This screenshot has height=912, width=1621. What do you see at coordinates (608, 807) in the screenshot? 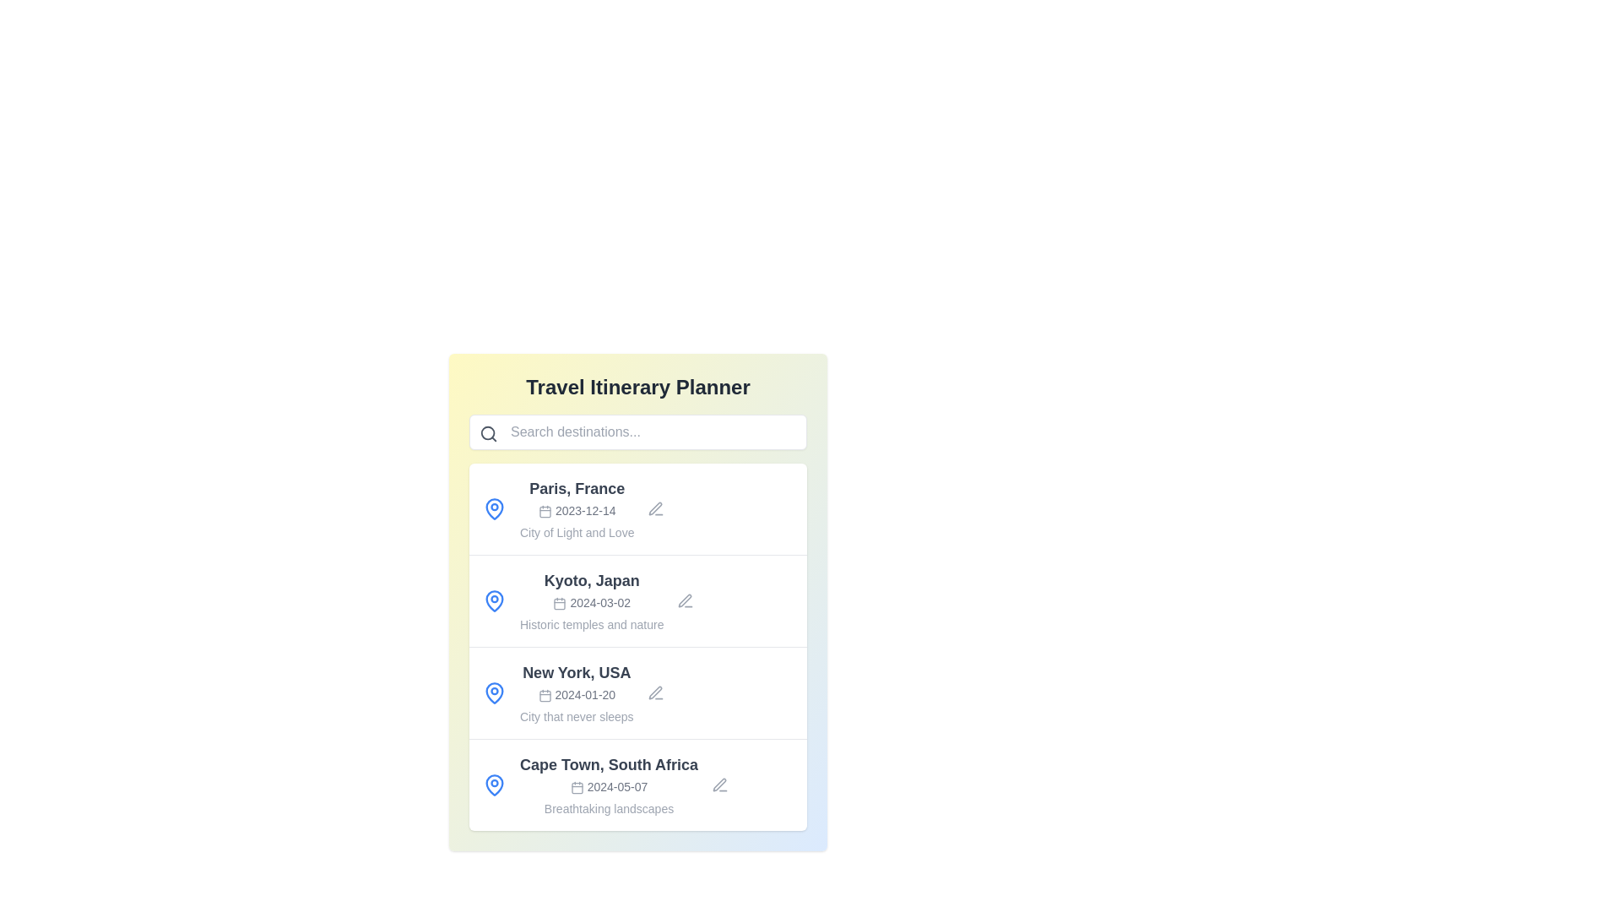
I see `the text label providing additional descriptive information about the location in the card for accessibility tools to read it` at bounding box center [608, 807].